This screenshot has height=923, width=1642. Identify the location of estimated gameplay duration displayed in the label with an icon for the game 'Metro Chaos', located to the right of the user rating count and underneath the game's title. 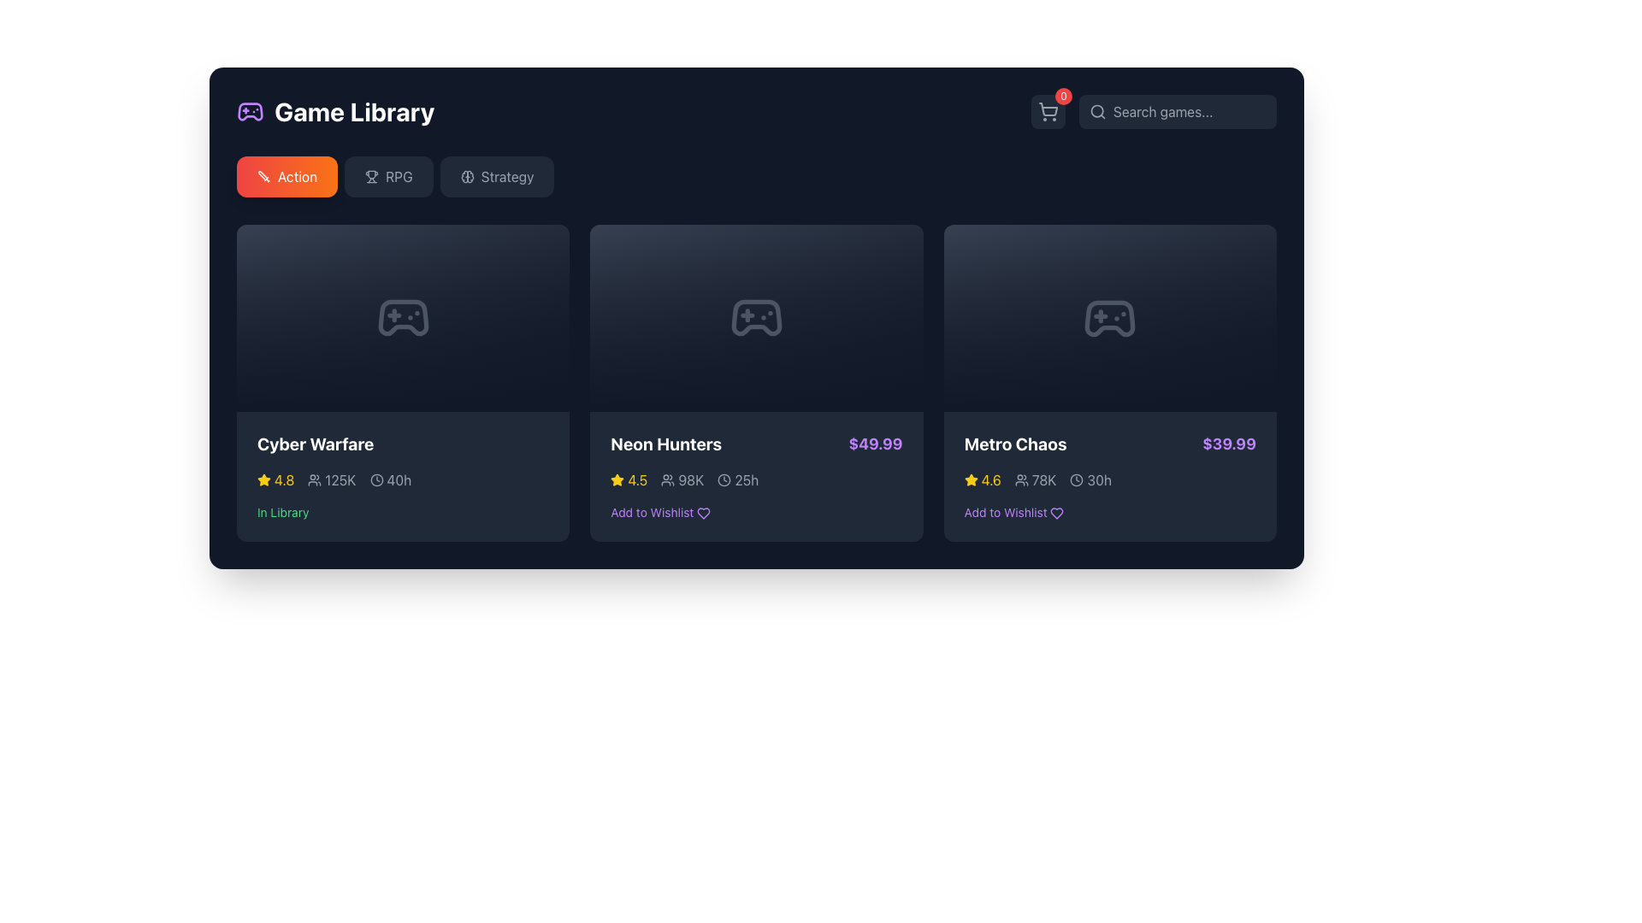
(1090, 480).